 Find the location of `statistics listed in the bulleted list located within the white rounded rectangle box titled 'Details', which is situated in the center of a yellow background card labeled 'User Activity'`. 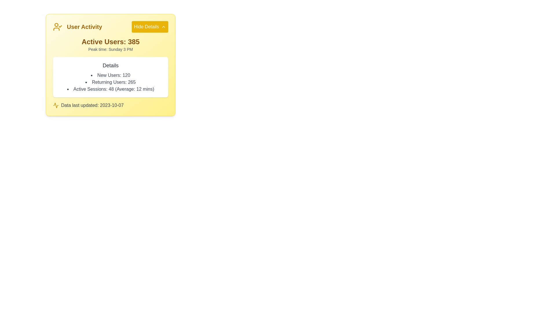

statistics listed in the bulleted list located within the white rounded rectangle box titled 'Details', which is situated in the center of a yellow background card labeled 'User Activity' is located at coordinates (111, 82).